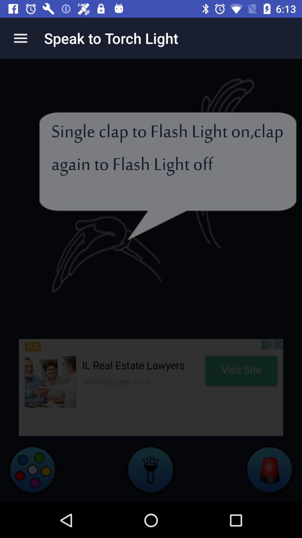  Describe the element at coordinates (151, 469) in the screenshot. I see `torch light` at that location.